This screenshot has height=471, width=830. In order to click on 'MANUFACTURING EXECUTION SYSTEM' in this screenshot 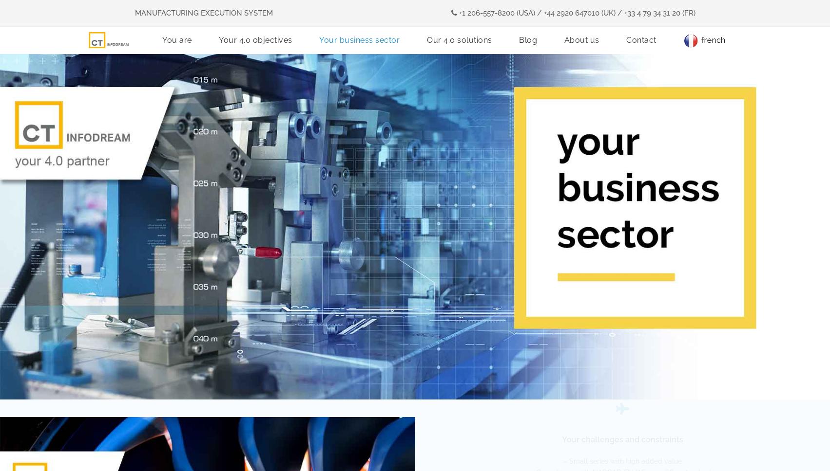, I will do `click(203, 13)`.